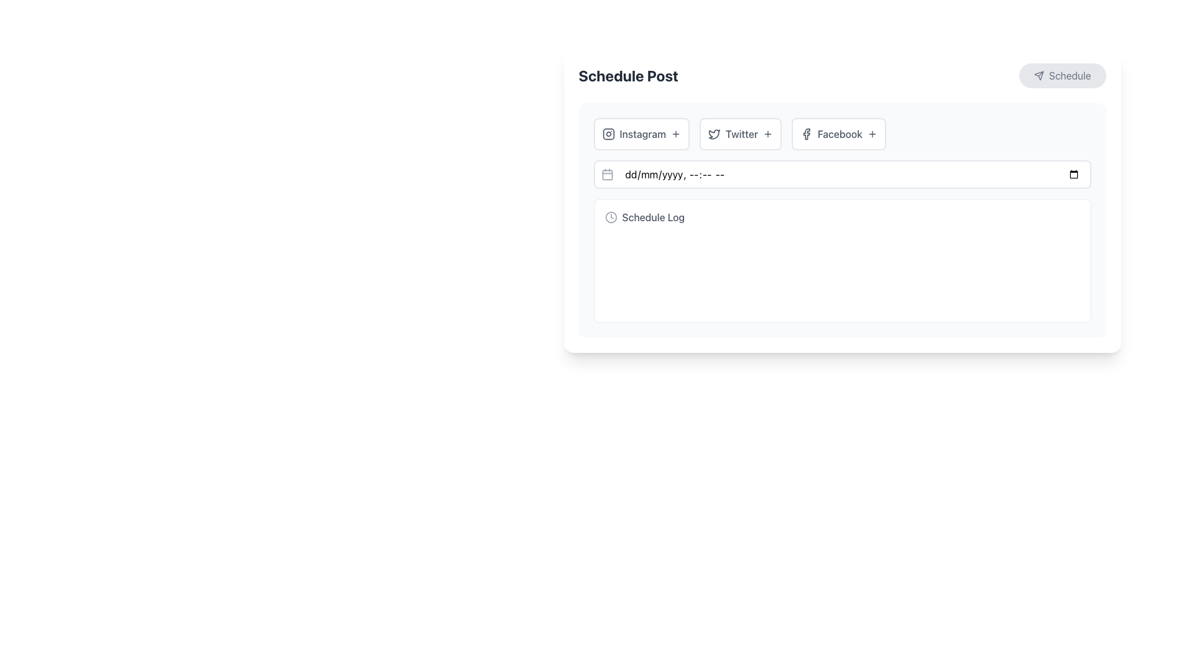 This screenshot has width=1194, height=671. I want to click on the 'Schedule Log' text label element, which is styled in gray and associated with a clock icon, located in the lower section of the window under 'Schedule Post', so click(652, 217).